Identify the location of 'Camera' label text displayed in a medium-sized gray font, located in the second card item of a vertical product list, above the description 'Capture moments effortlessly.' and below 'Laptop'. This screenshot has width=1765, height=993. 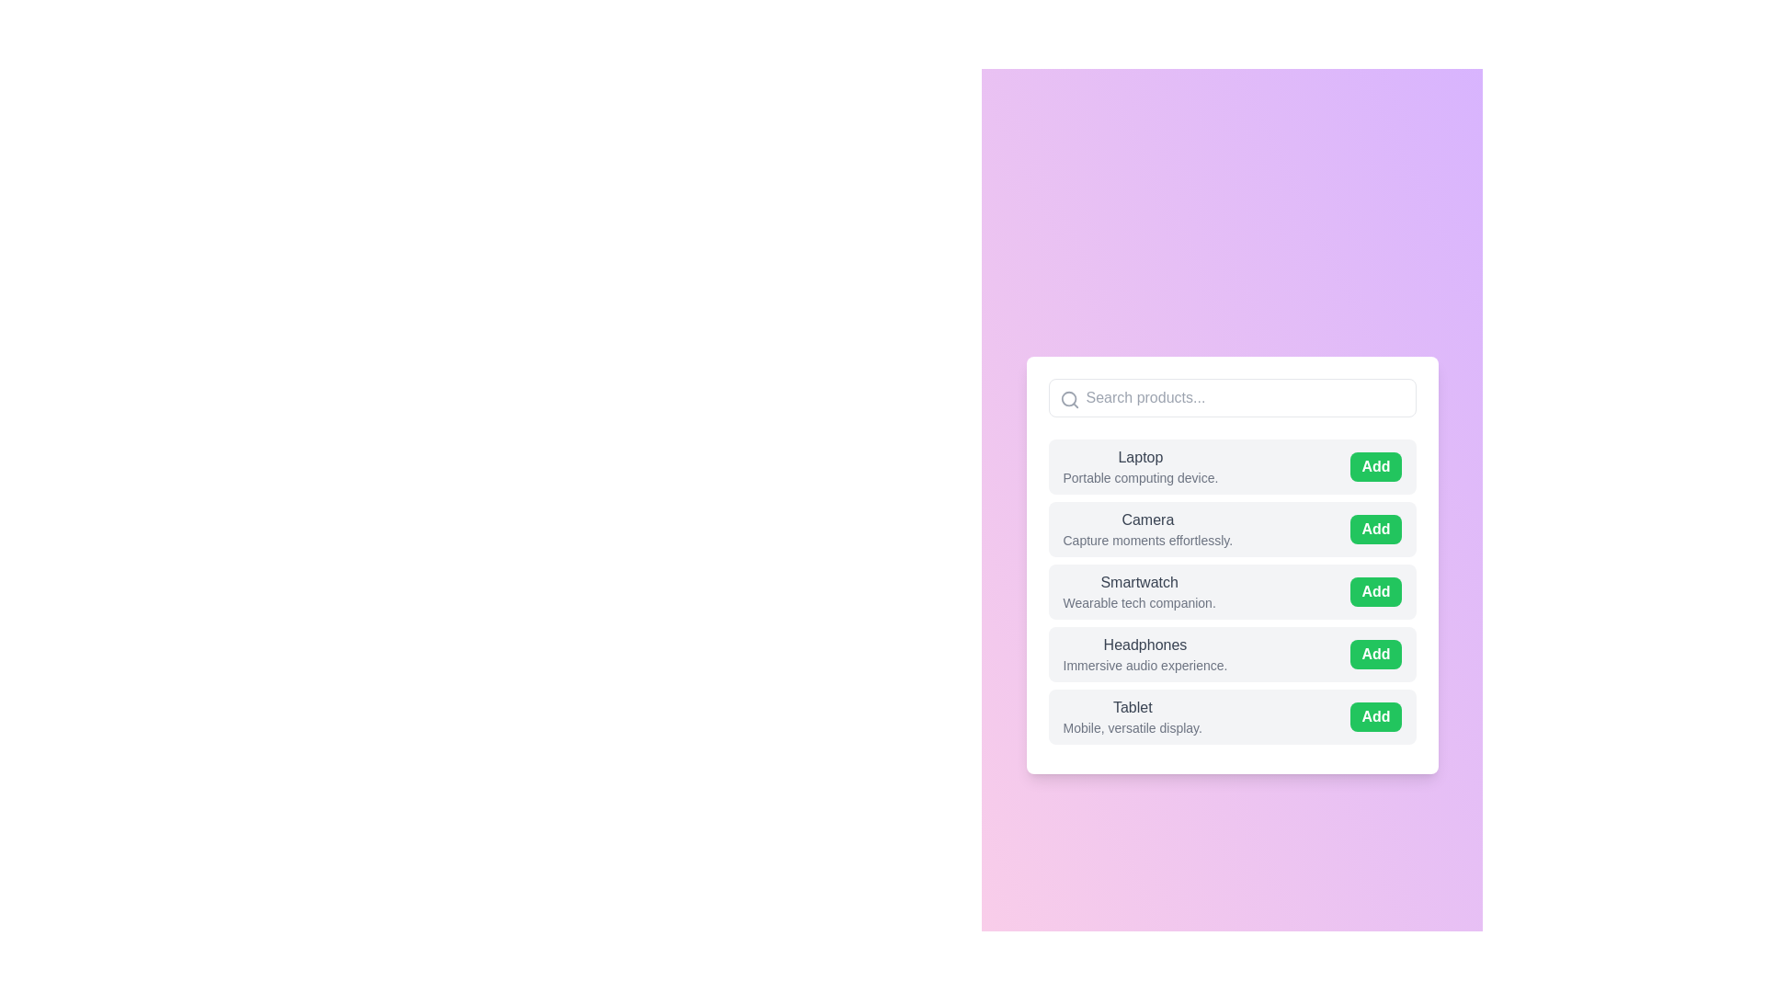
(1146, 520).